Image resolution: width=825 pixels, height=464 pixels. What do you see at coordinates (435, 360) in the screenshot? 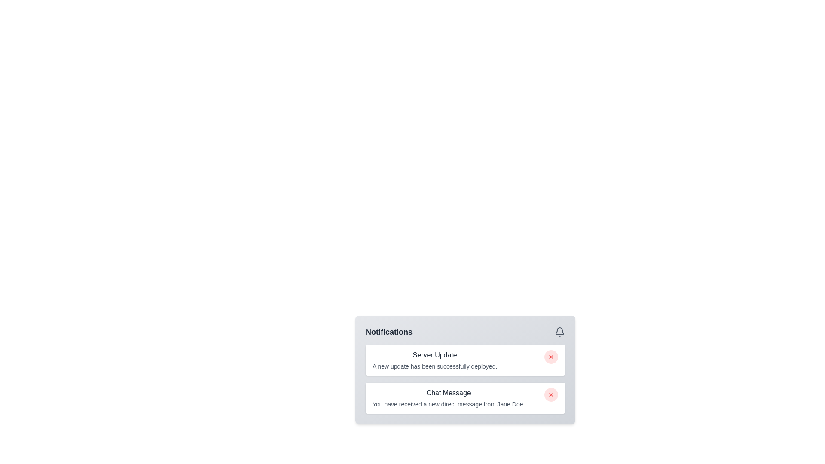
I see `text displayed in the first notification card under the 'Notifications' heading, which provides information about a recent server update` at bounding box center [435, 360].